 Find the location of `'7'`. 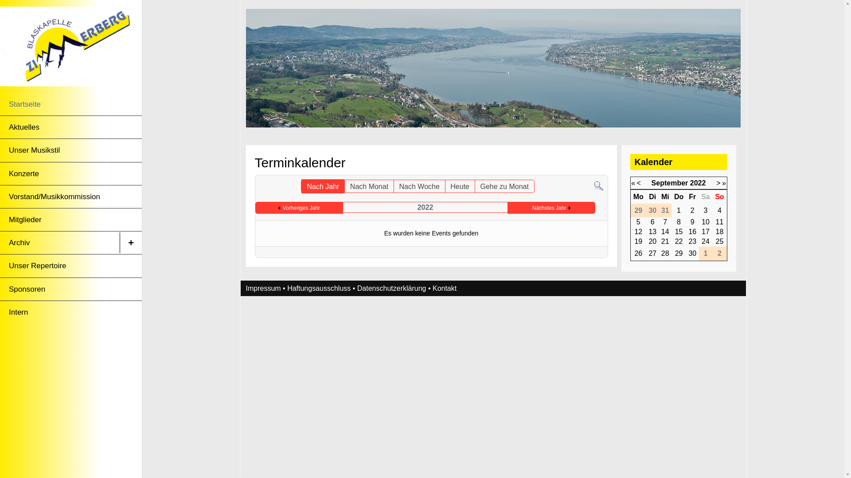

'7' is located at coordinates (665, 221).